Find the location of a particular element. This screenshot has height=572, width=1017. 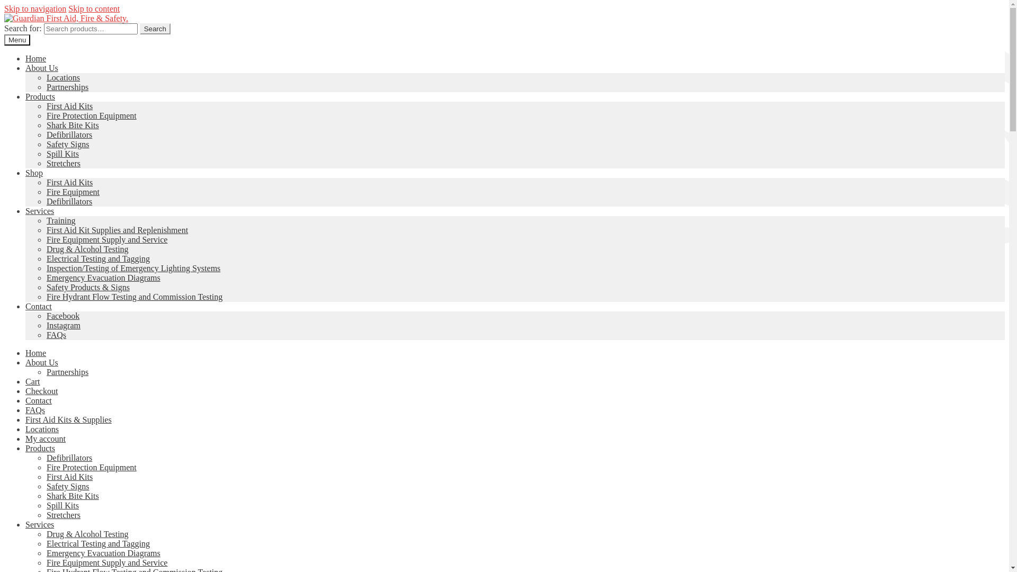

'Locations' is located at coordinates (63, 77).